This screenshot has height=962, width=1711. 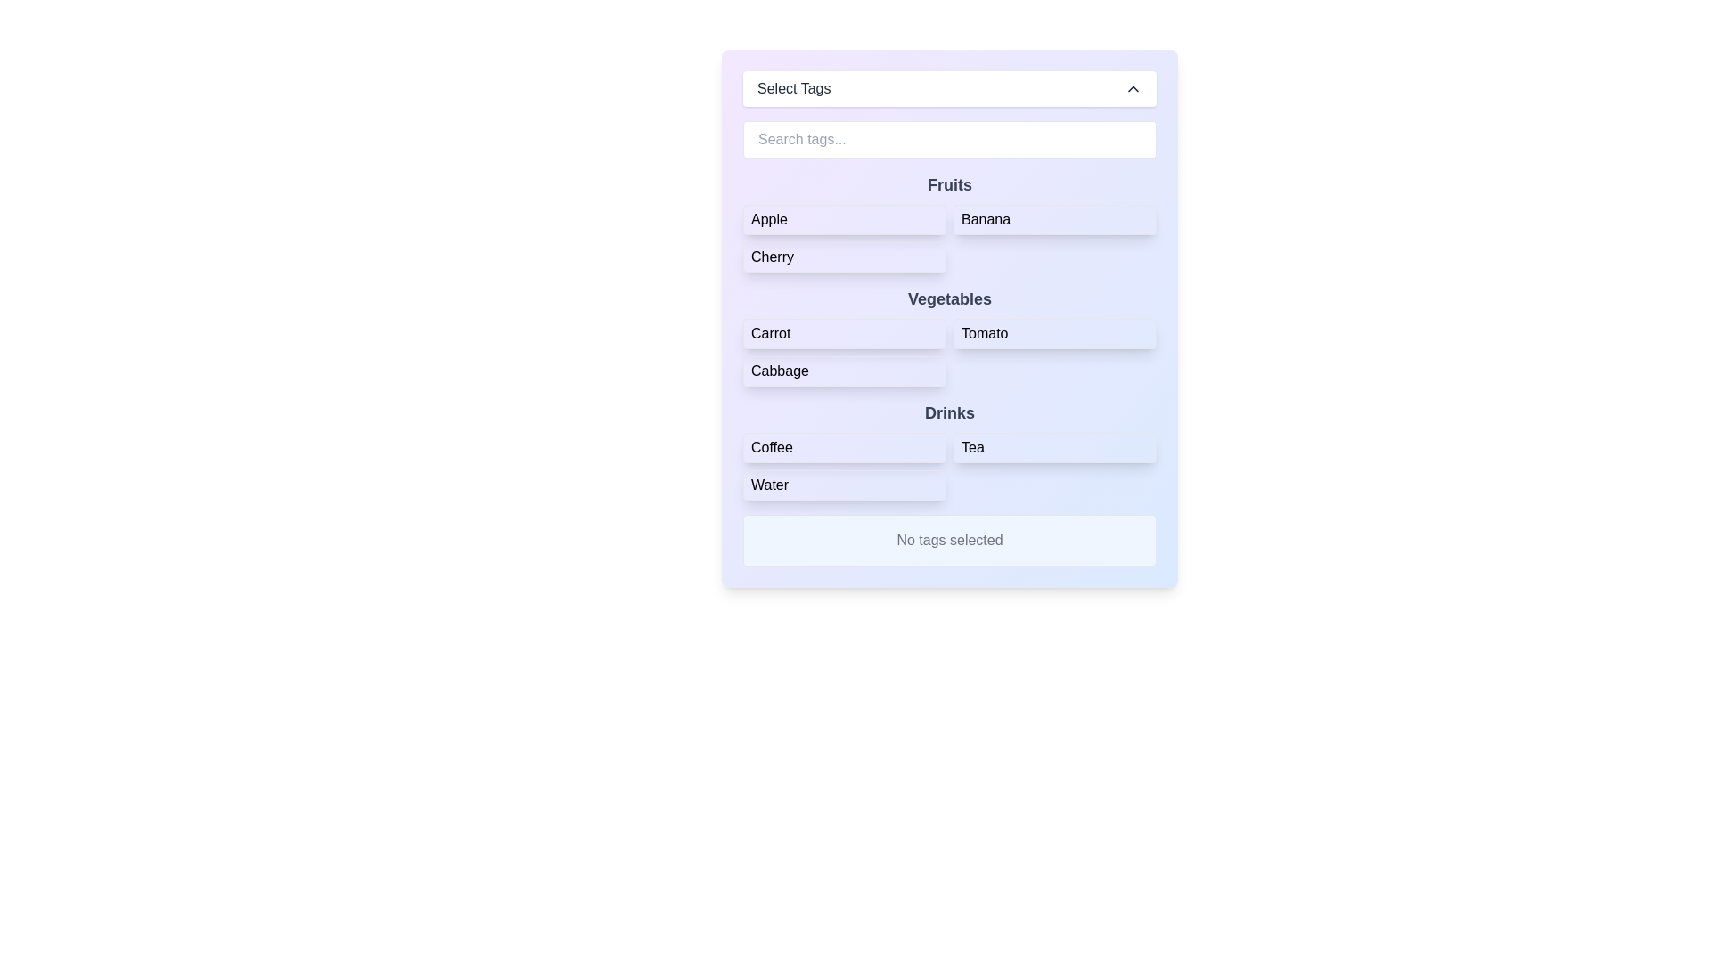 I want to click on the 'Carrot' text label in the 'Vegetables' category, so click(x=770, y=333).